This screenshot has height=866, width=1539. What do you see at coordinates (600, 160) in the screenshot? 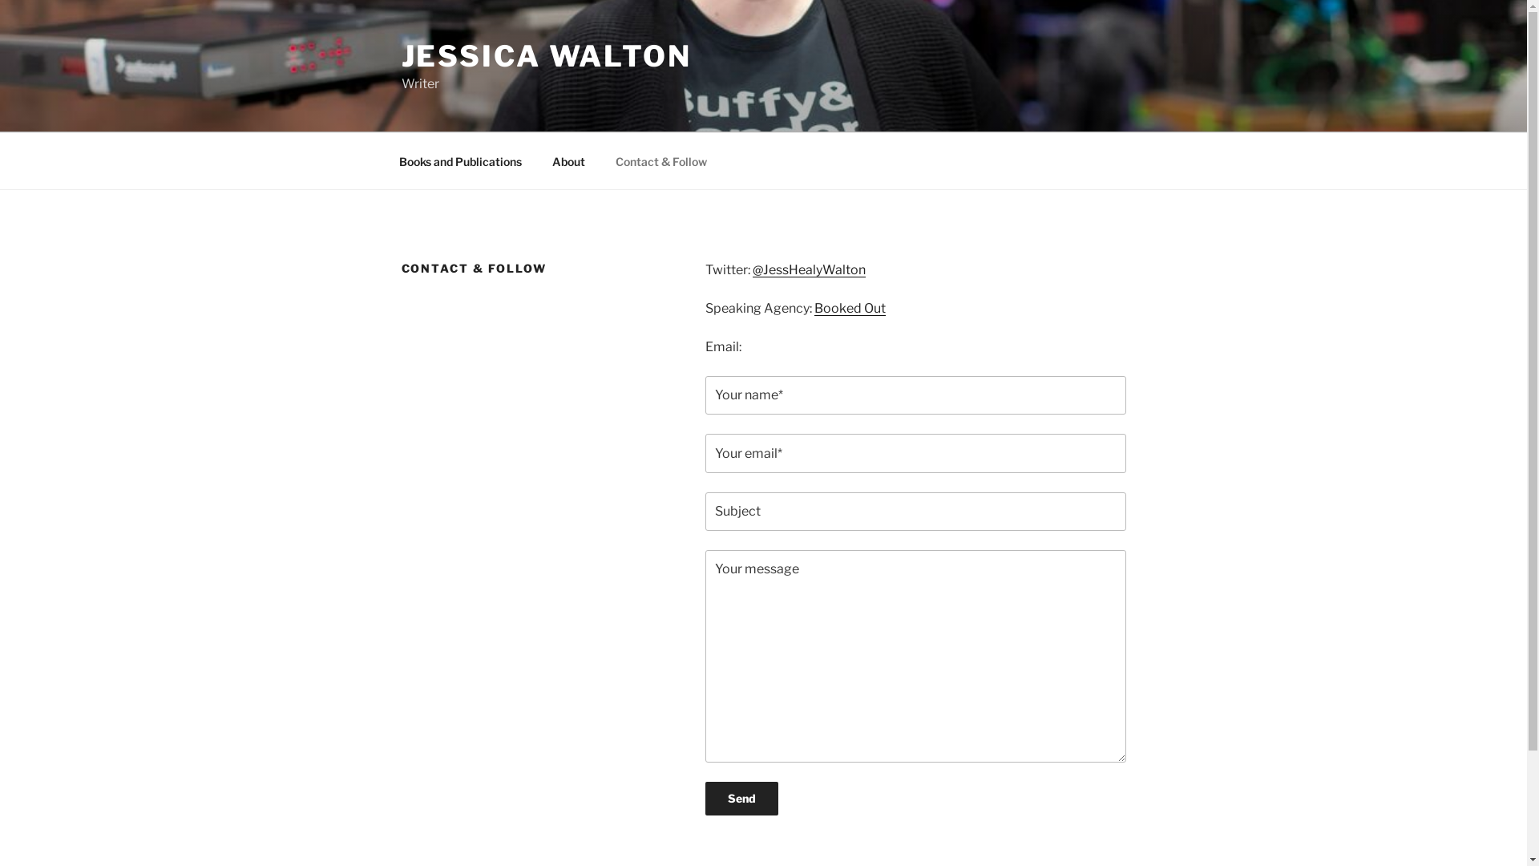
I see `'Contact & Follow'` at bounding box center [600, 160].